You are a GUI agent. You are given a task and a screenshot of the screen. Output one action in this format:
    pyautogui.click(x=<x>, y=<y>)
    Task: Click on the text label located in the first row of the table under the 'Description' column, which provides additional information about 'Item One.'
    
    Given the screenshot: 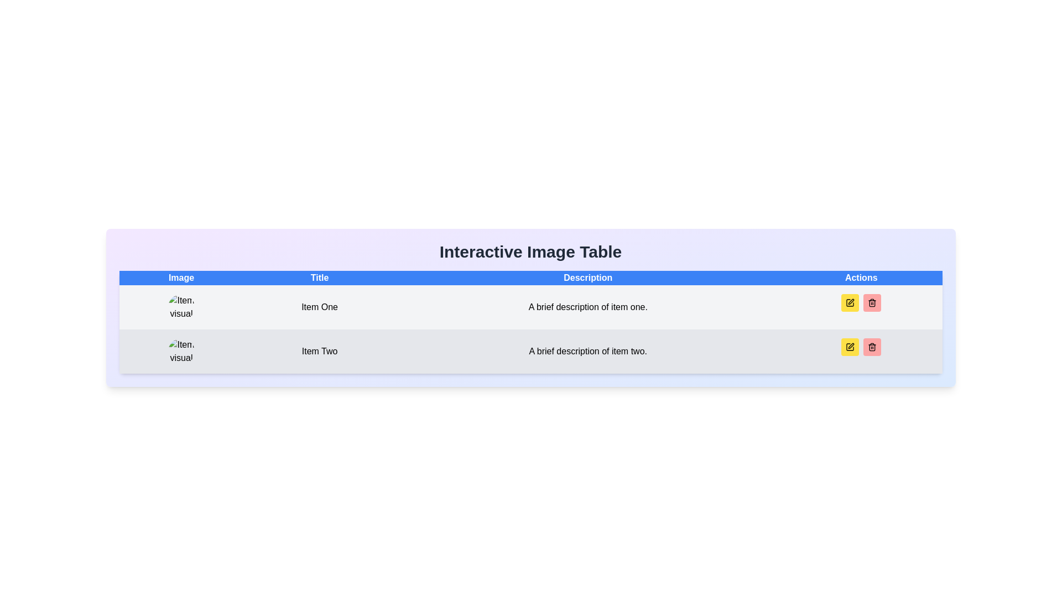 What is the action you would take?
    pyautogui.click(x=587, y=307)
    